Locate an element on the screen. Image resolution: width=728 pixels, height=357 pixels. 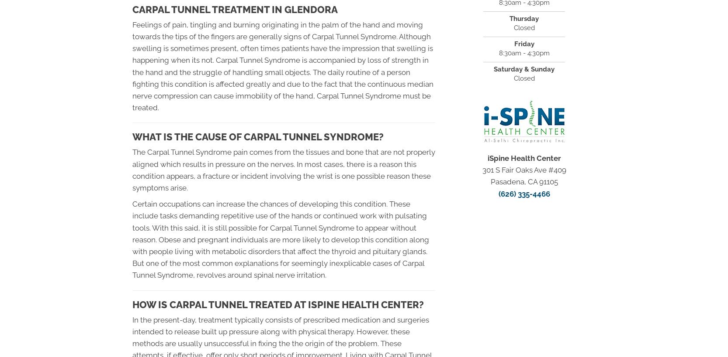
'iSpine Health Center' is located at coordinates (524, 157).